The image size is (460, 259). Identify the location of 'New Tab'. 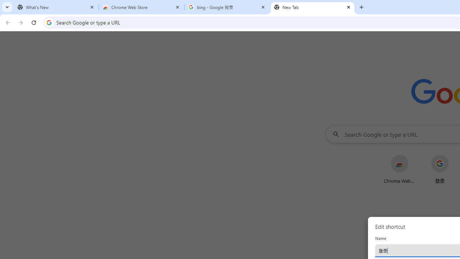
(313, 7).